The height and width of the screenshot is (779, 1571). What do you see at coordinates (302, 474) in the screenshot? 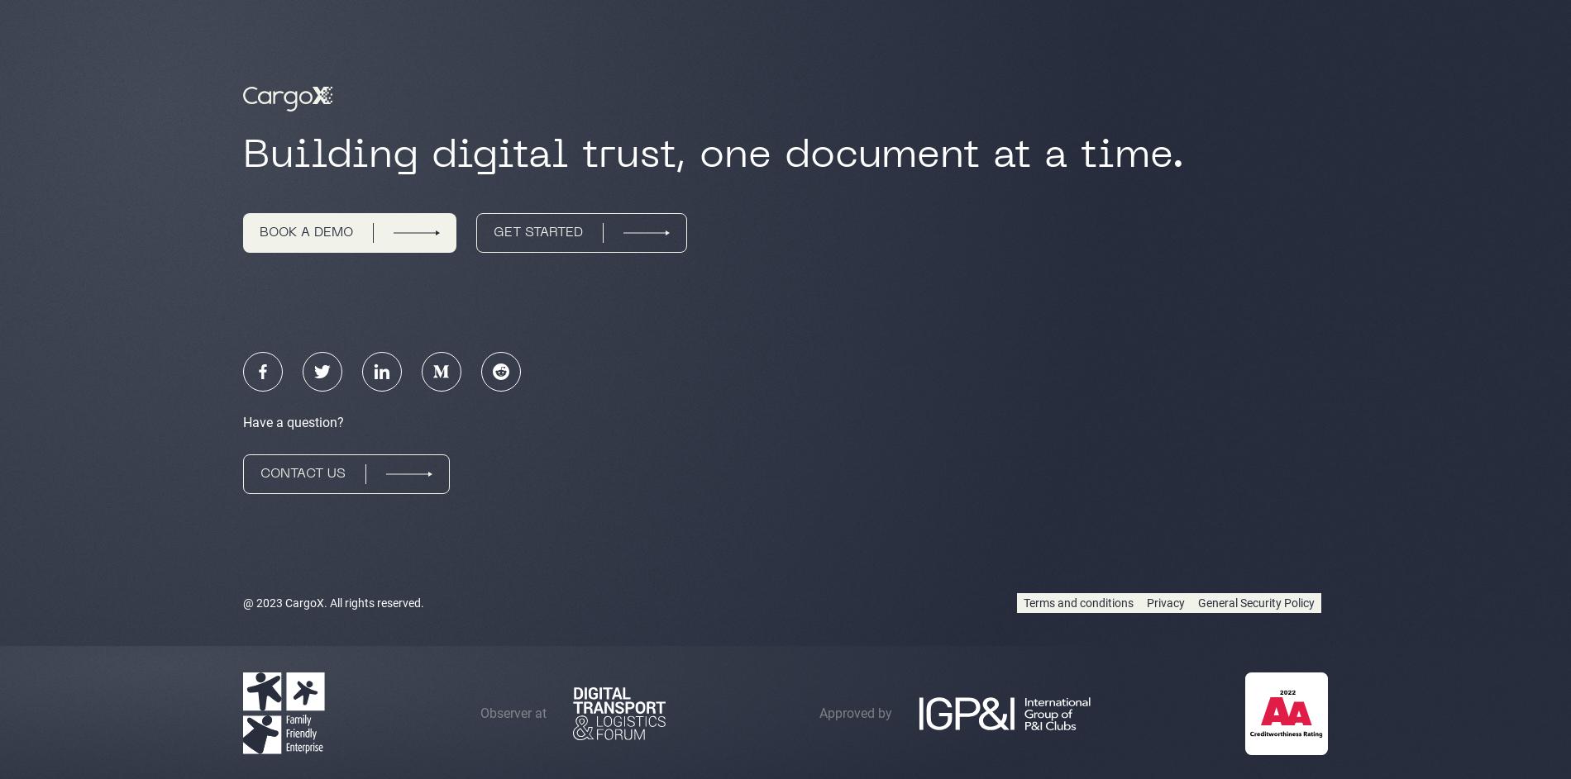
I see `'Contact us'` at bounding box center [302, 474].